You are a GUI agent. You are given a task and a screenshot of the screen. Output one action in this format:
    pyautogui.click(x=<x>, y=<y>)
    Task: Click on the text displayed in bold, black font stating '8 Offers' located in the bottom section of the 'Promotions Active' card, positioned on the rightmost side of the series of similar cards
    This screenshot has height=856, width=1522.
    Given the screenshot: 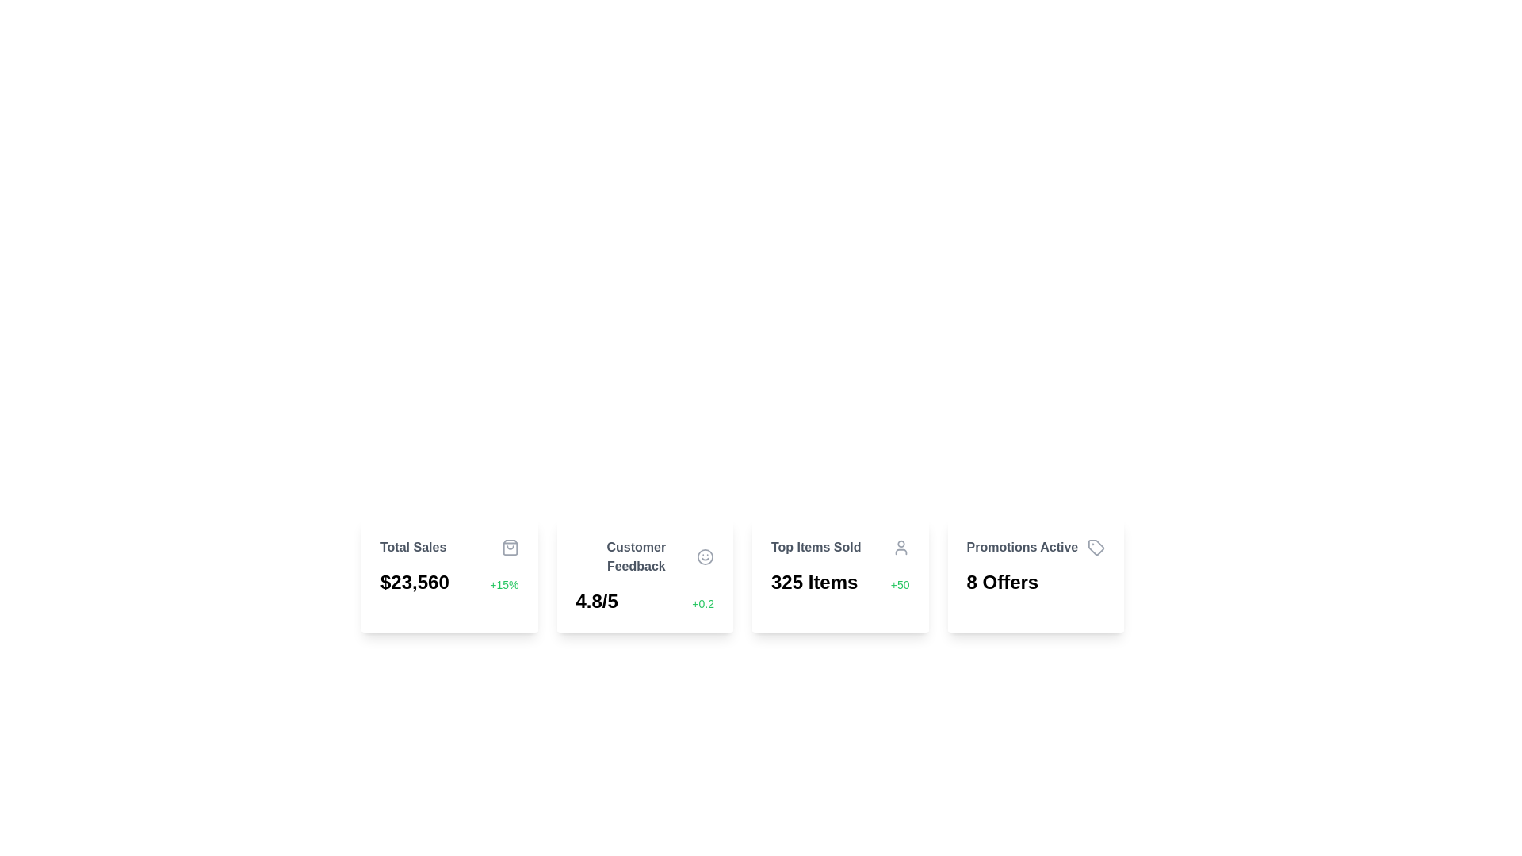 What is the action you would take?
    pyautogui.click(x=1035, y=583)
    